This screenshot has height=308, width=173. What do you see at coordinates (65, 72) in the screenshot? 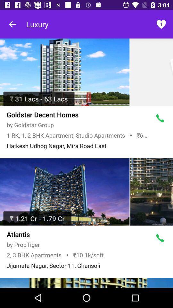
I see `hotel details` at bounding box center [65, 72].